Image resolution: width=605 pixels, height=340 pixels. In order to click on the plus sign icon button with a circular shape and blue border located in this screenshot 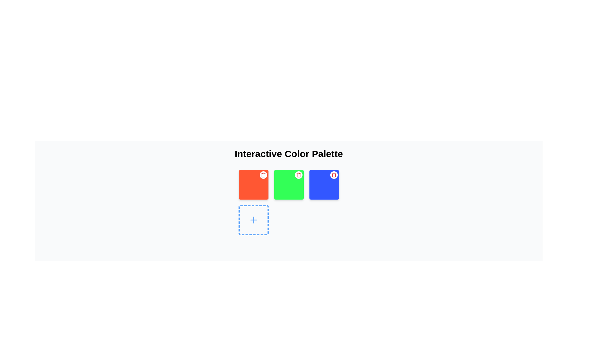, I will do `click(253, 219)`.